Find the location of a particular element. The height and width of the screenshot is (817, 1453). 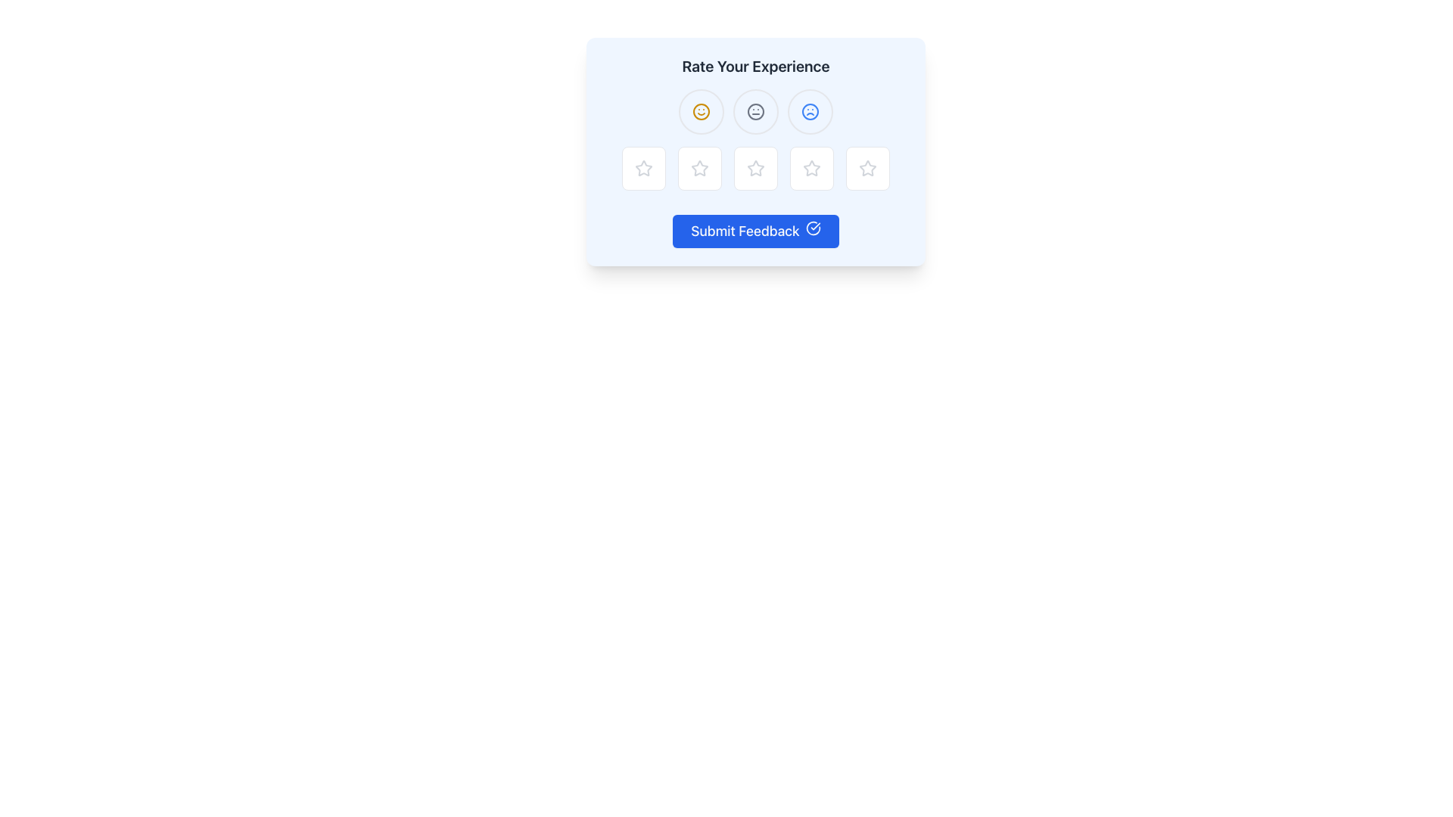

the SVG Circle element that serves as a decorative or symbolic part of the SVG icon, located second from left in a horizontal row of three icons under the heading 'Rate Your Experience' is located at coordinates (755, 110).